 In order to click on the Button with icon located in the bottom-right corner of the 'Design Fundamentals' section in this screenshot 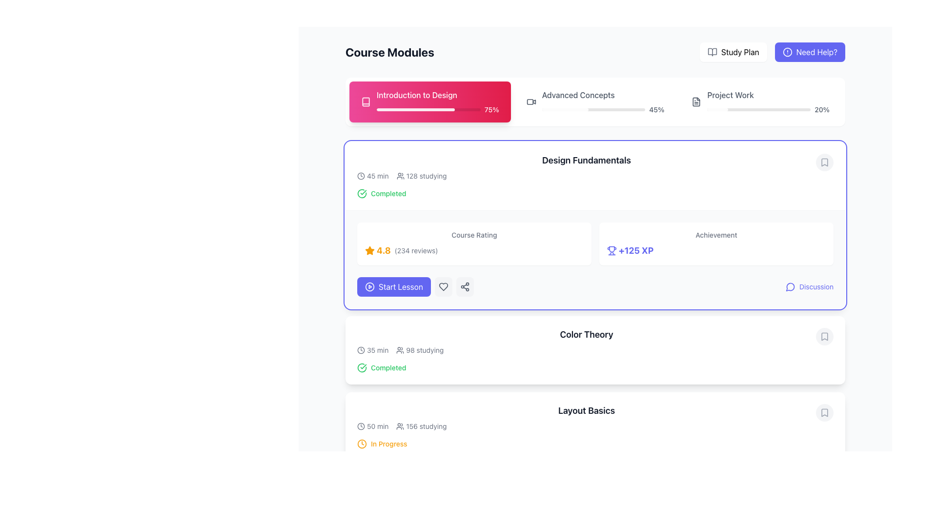, I will do `click(810, 286)`.